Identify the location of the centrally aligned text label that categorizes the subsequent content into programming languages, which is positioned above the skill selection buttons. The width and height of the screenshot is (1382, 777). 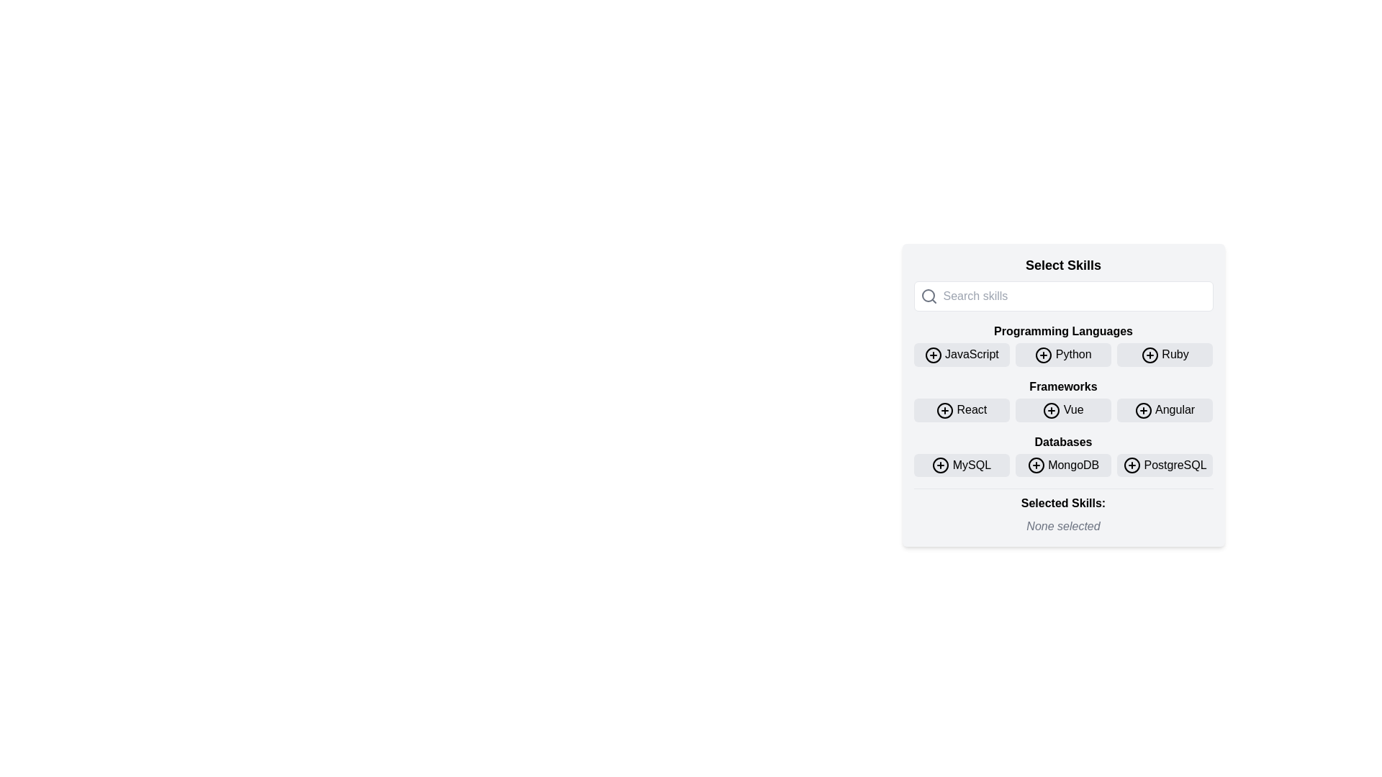
(1063, 332).